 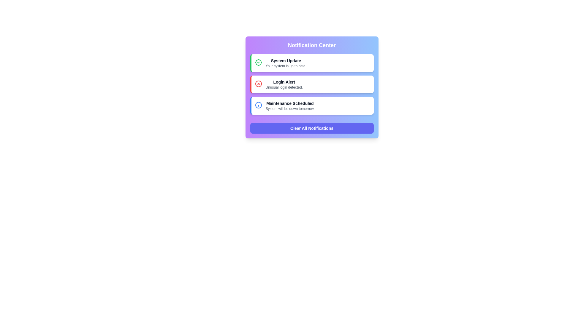 What do you see at coordinates (311, 128) in the screenshot?
I see `the prominent button labeled 'Clear All Notifications' with white text on an indigo background` at bounding box center [311, 128].